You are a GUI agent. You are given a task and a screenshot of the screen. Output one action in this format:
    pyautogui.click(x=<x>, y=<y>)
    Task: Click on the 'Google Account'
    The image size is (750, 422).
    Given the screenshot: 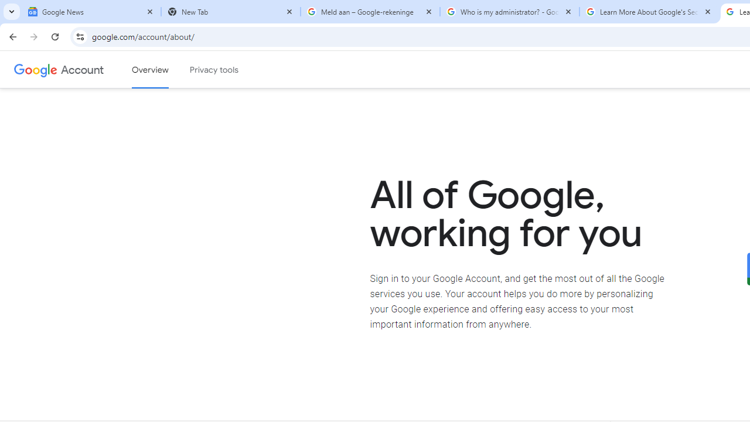 What is the action you would take?
    pyautogui.click(x=81, y=69)
    